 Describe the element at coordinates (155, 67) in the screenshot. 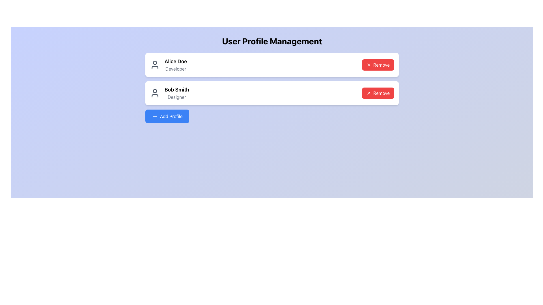

I see `the bottom half of the person icon within Alice Doe's profile card for potential interaction` at that location.